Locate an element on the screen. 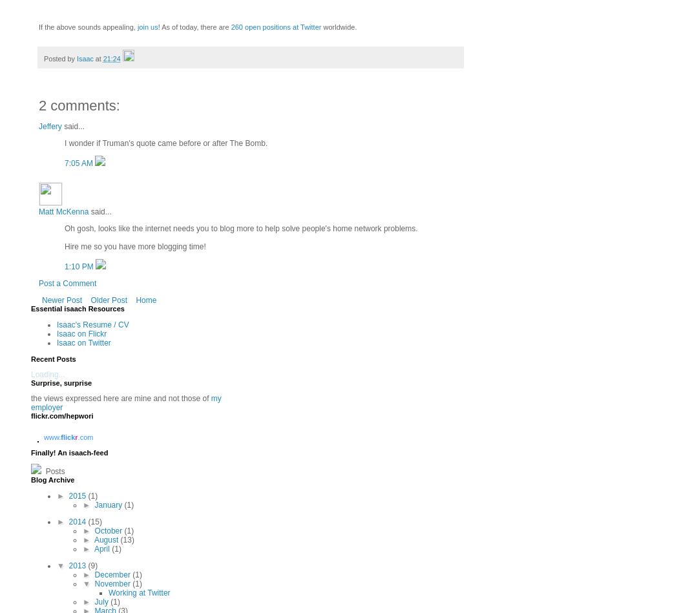  'Matt McKenna' is located at coordinates (63, 211).